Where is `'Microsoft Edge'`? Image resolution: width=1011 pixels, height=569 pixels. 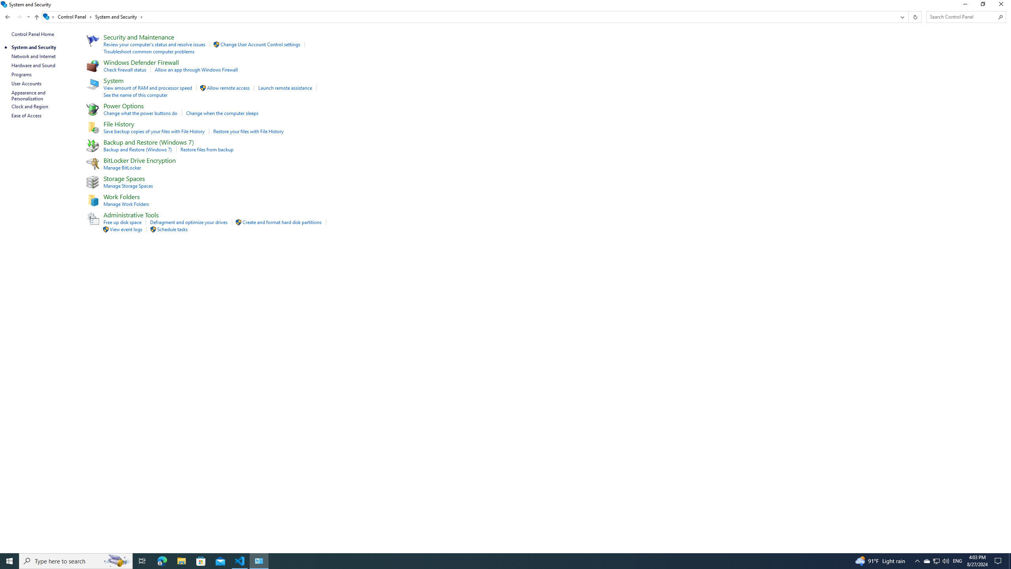
'Microsoft Edge' is located at coordinates (162, 560).